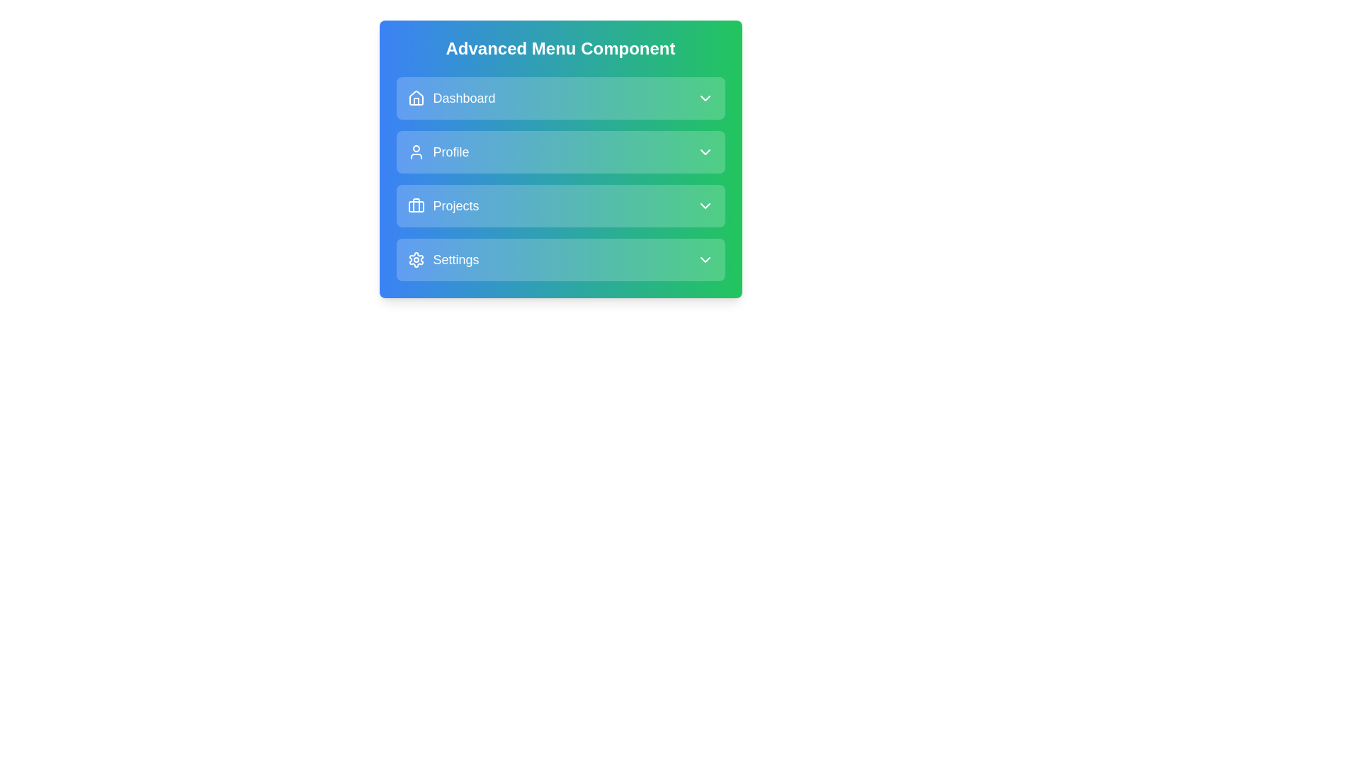 The width and height of the screenshot is (1360, 765). I want to click on the 'Projects' text label next to the briefcase icon, so click(443, 205).